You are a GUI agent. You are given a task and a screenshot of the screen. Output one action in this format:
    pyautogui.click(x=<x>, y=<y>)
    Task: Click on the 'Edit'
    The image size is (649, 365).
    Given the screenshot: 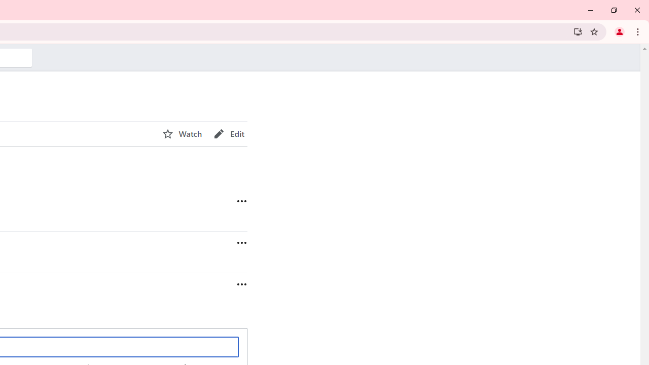 What is the action you would take?
    pyautogui.click(x=229, y=133)
    